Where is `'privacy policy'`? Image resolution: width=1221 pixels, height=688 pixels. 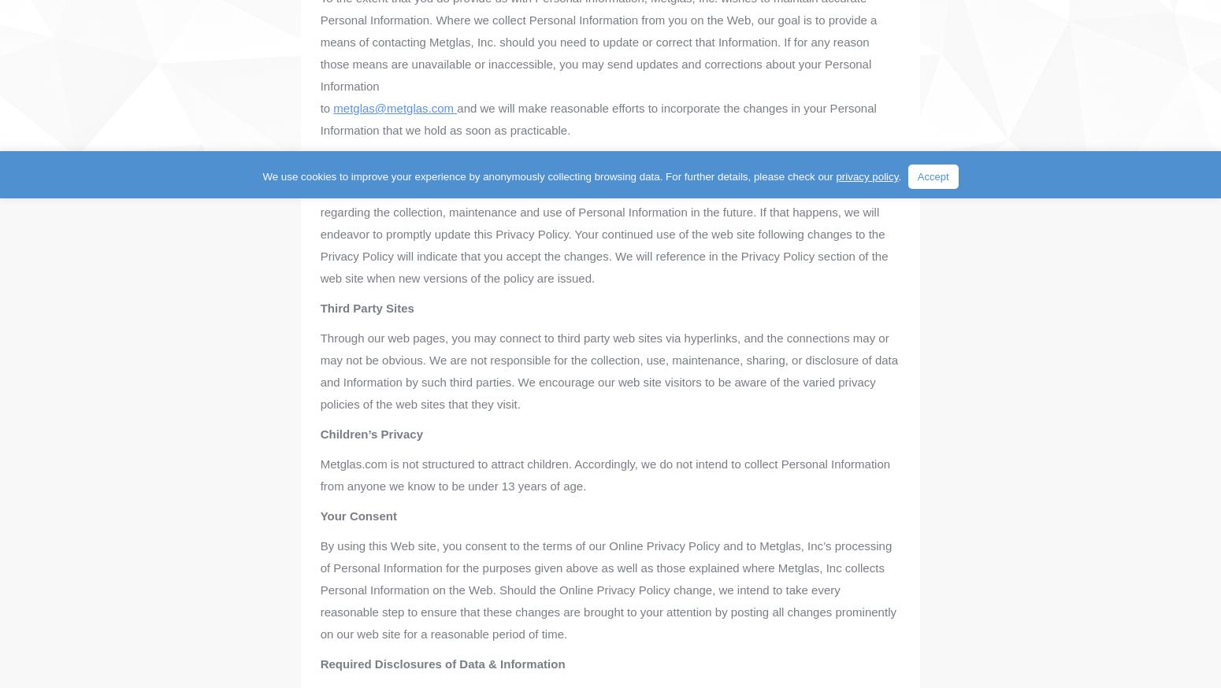
'privacy policy' is located at coordinates (835, 176).